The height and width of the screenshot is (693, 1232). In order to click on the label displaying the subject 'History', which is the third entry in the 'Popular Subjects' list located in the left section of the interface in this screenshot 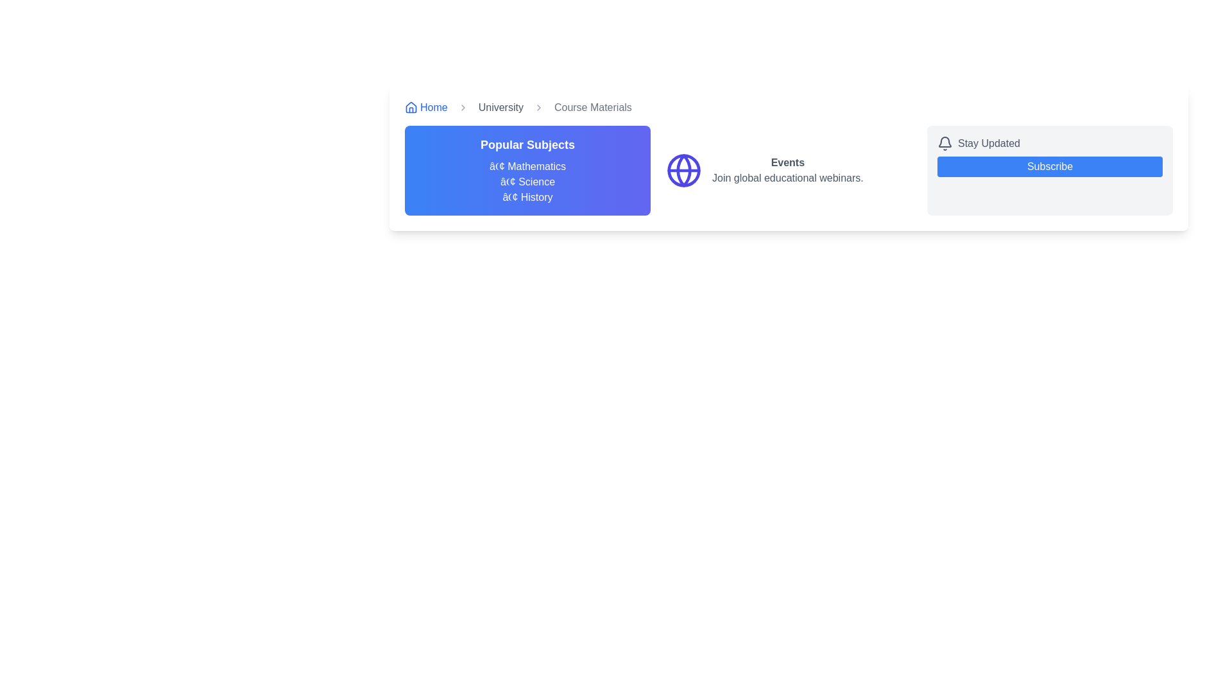, I will do `click(527, 198)`.